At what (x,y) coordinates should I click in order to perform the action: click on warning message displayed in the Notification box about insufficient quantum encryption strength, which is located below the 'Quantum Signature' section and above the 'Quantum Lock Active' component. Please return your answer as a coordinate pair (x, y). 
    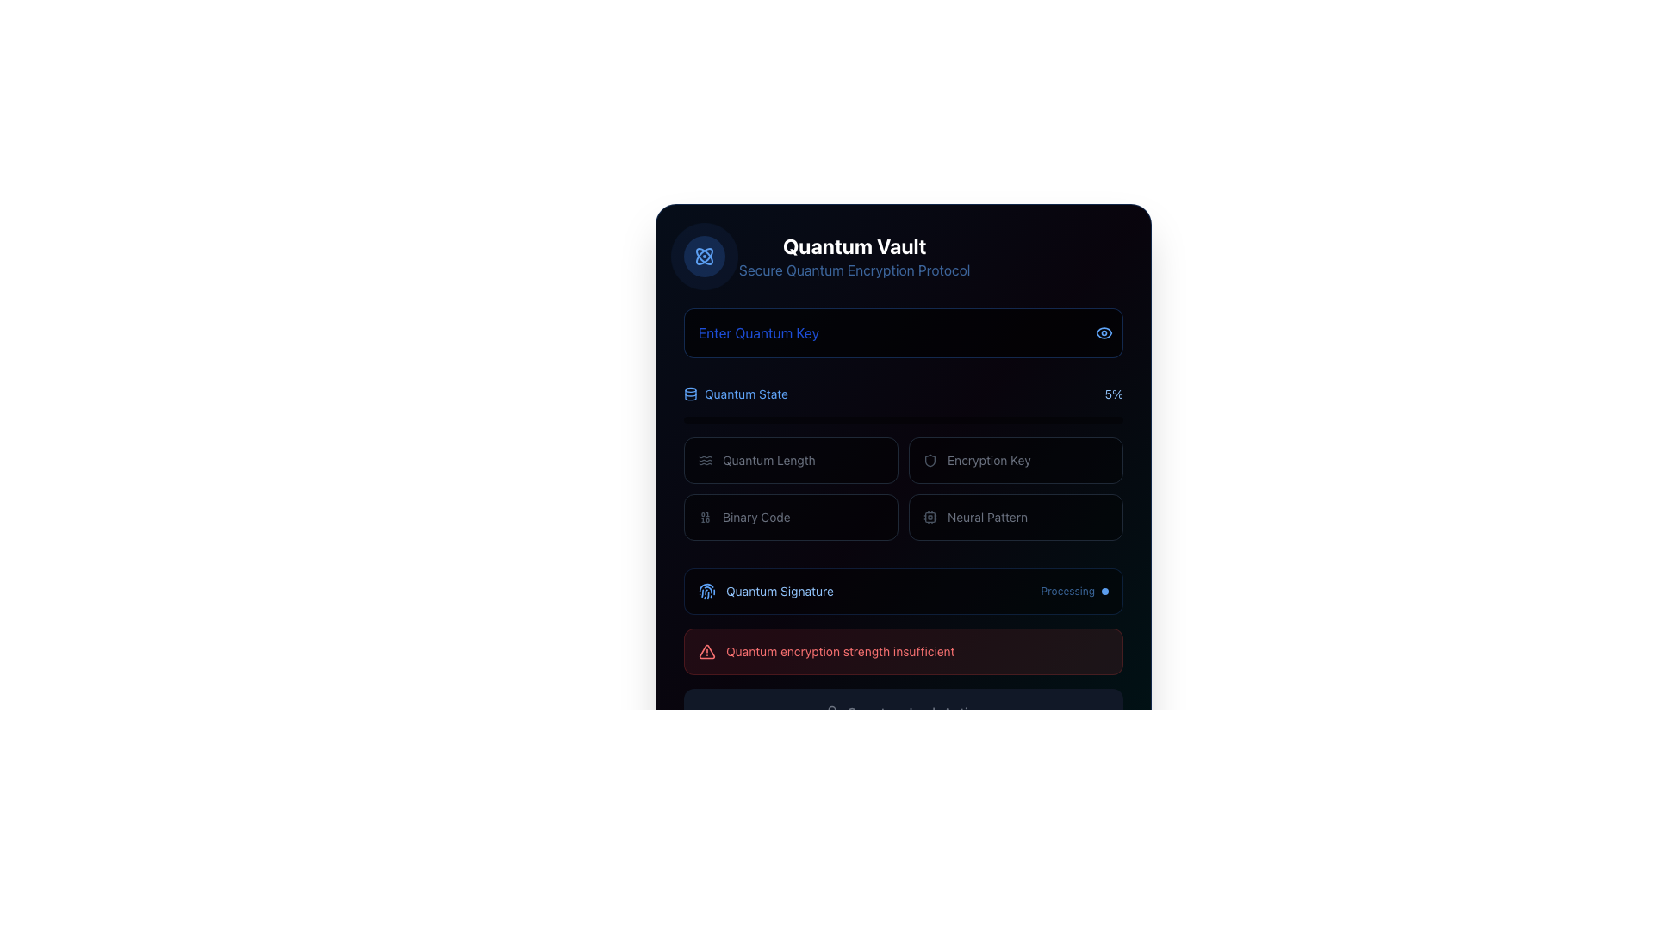
    Looking at the image, I should click on (903, 651).